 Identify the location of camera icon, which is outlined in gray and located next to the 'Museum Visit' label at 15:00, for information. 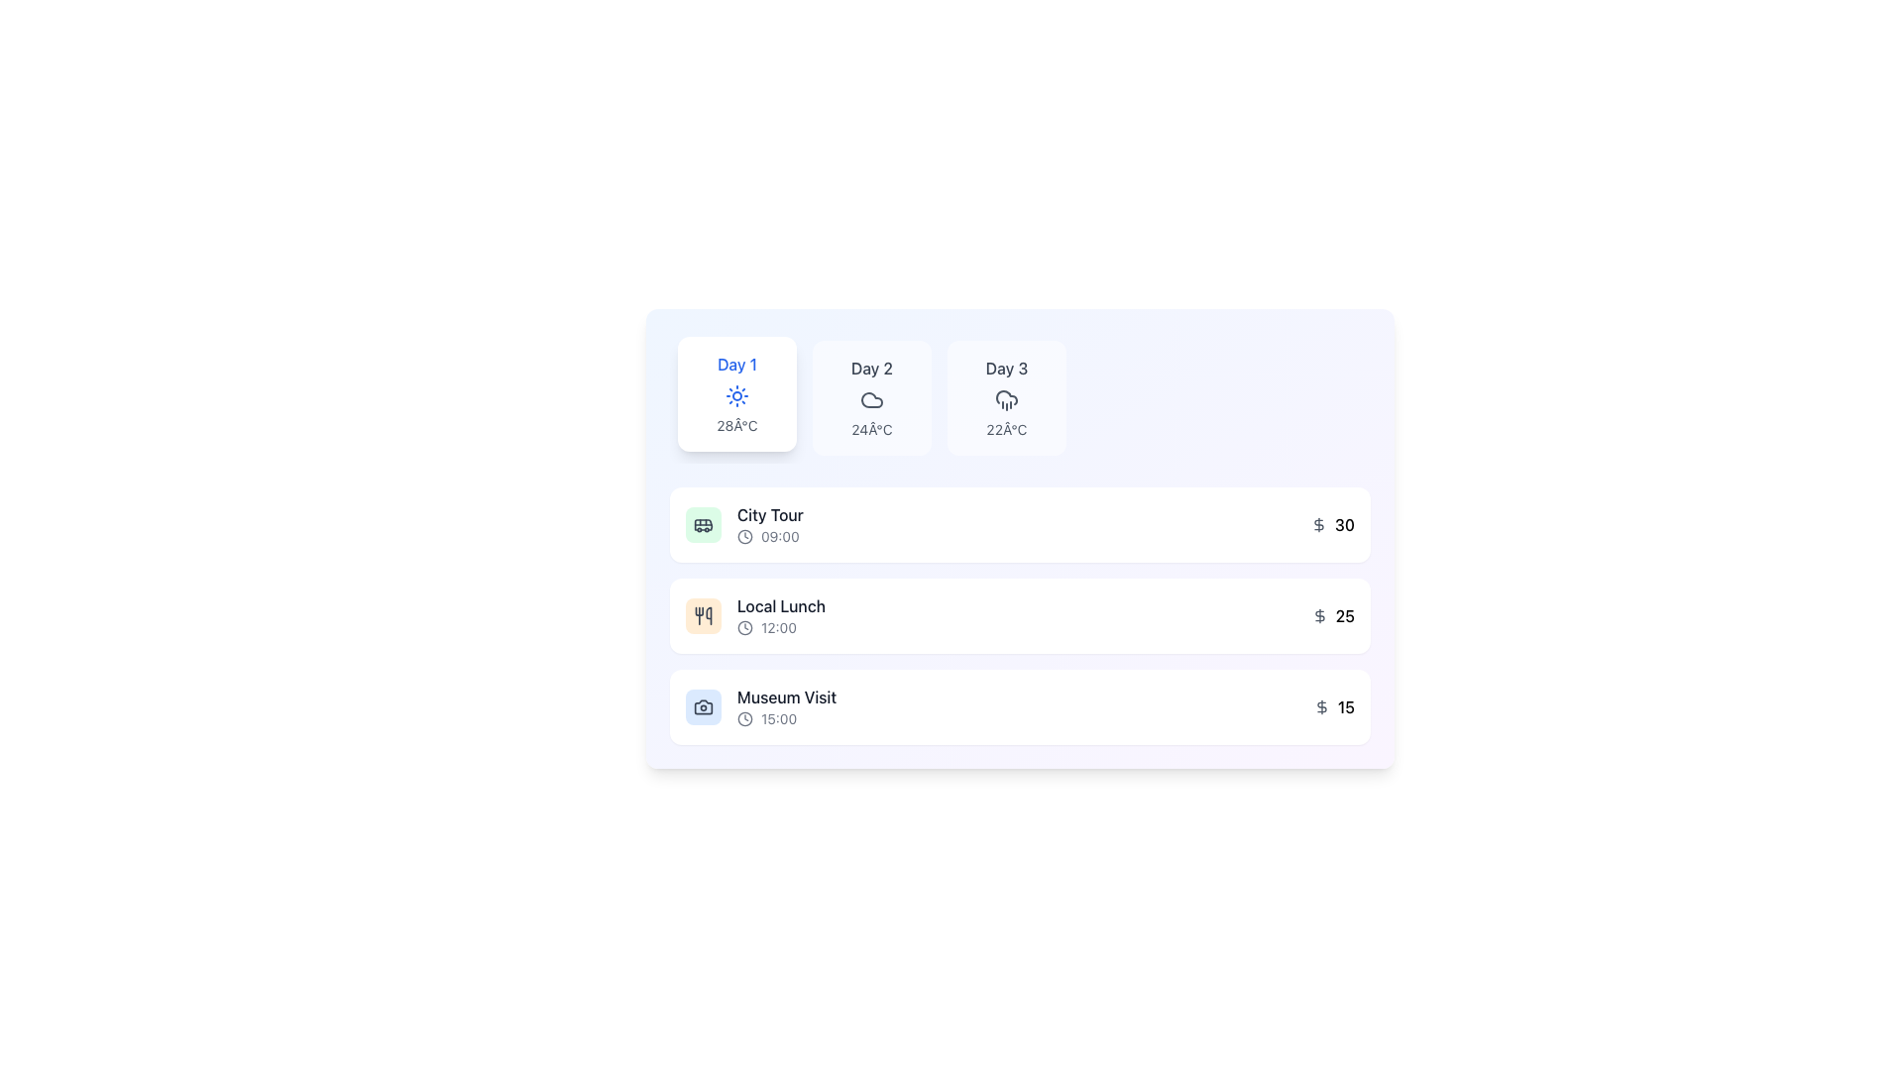
(704, 705).